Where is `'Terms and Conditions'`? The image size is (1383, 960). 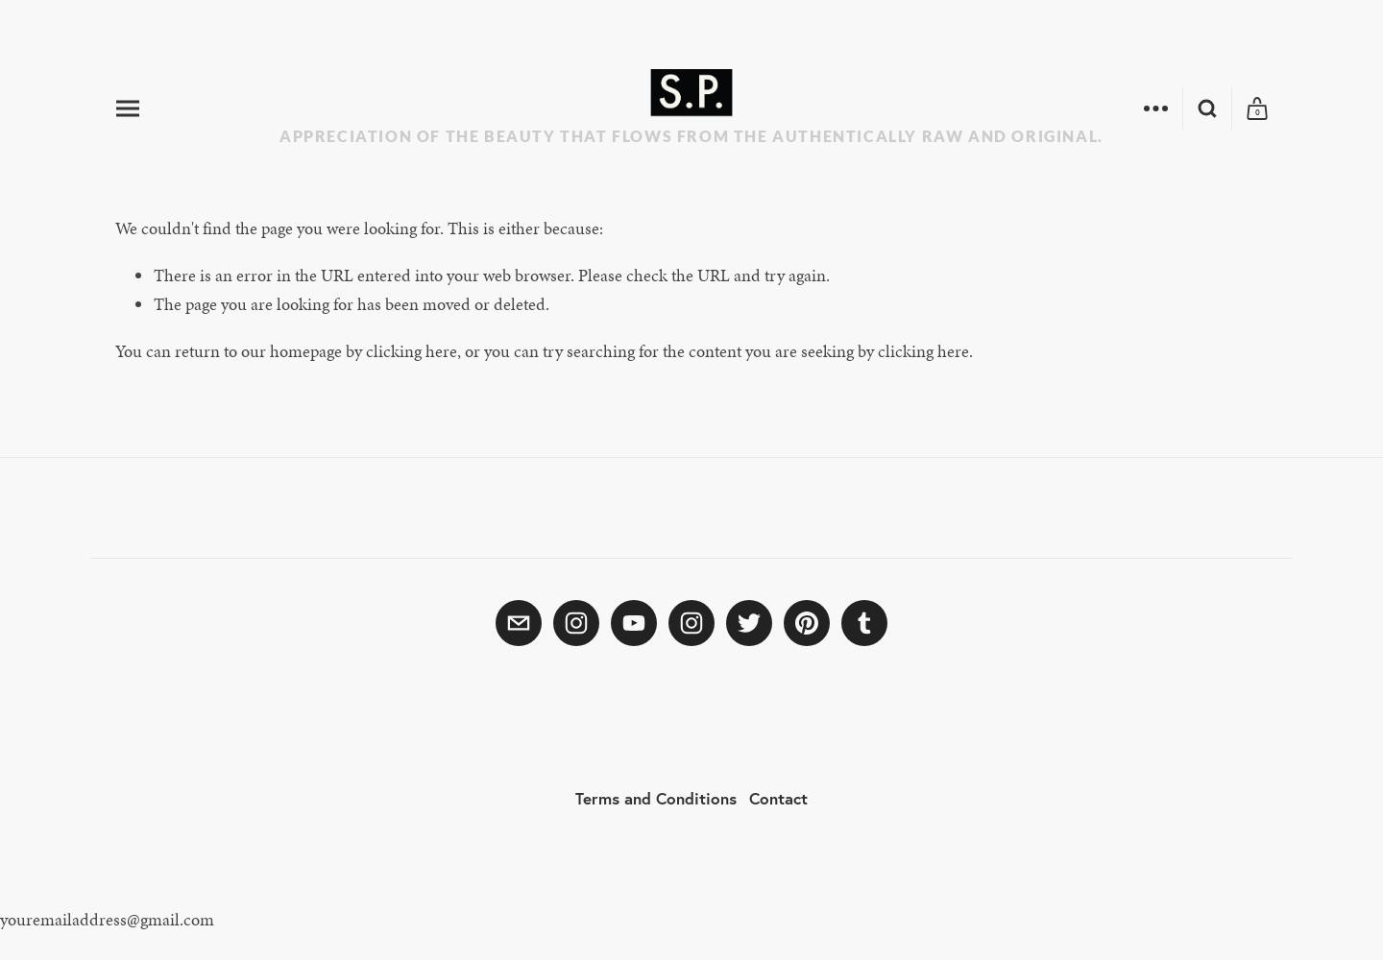
'Terms and Conditions' is located at coordinates (575, 797).